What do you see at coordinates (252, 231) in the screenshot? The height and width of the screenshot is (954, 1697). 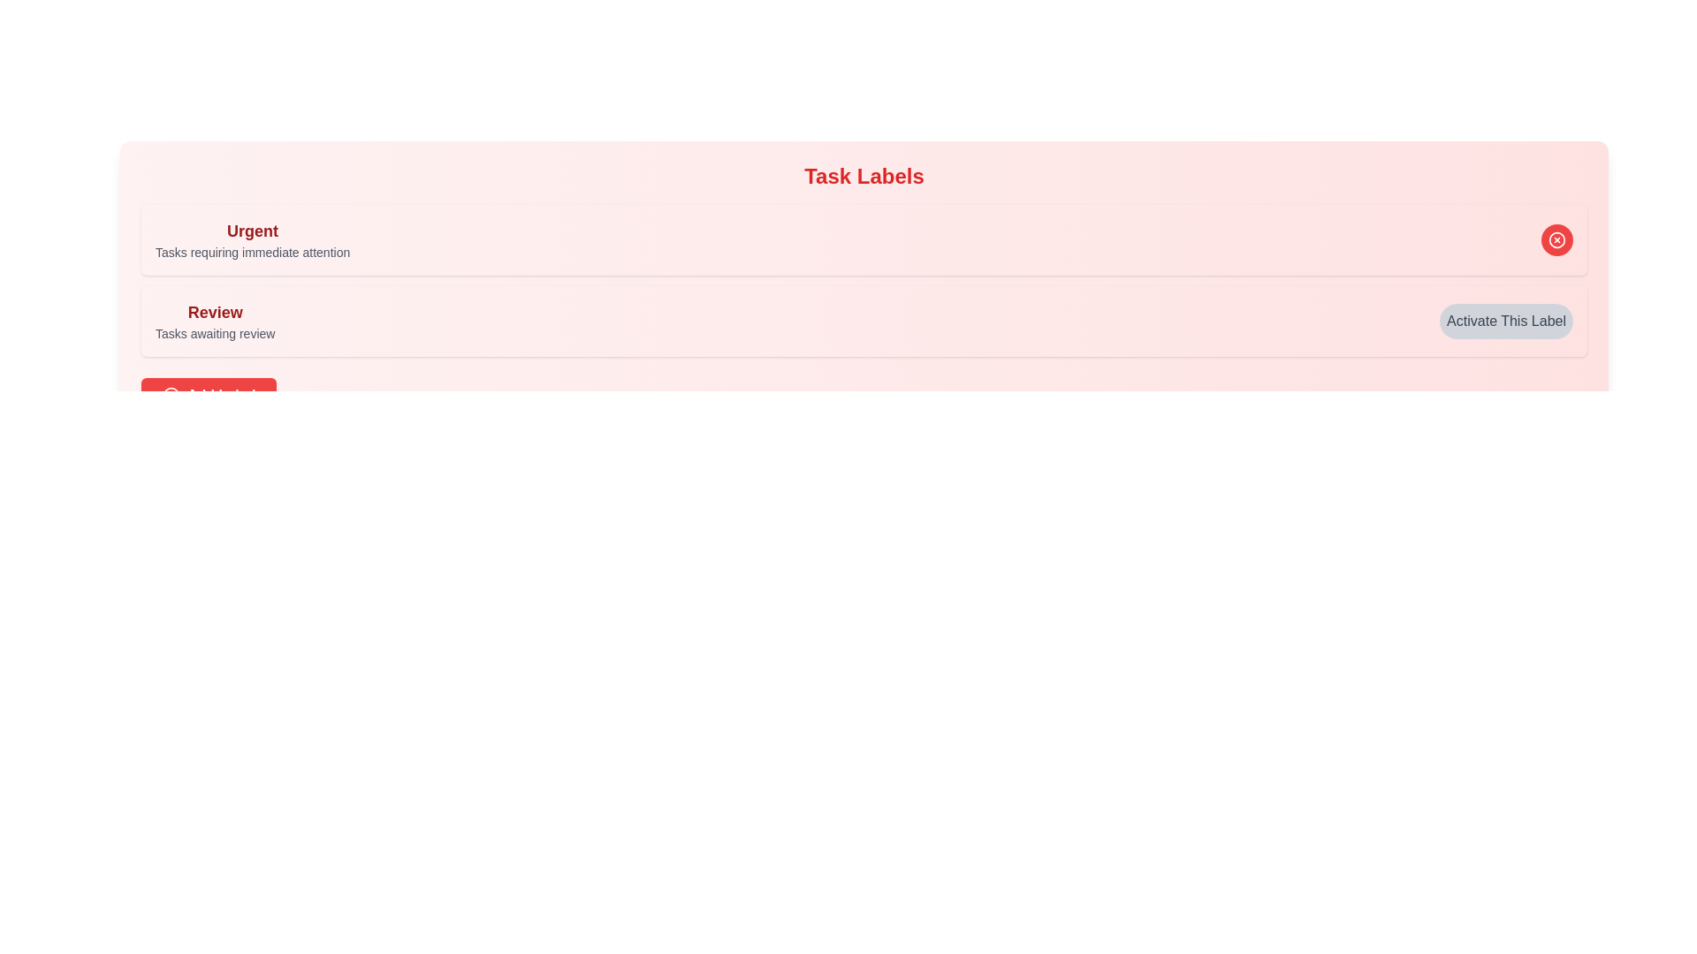 I see `the text of the label 'Urgent'` at bounding box center [252, 231].